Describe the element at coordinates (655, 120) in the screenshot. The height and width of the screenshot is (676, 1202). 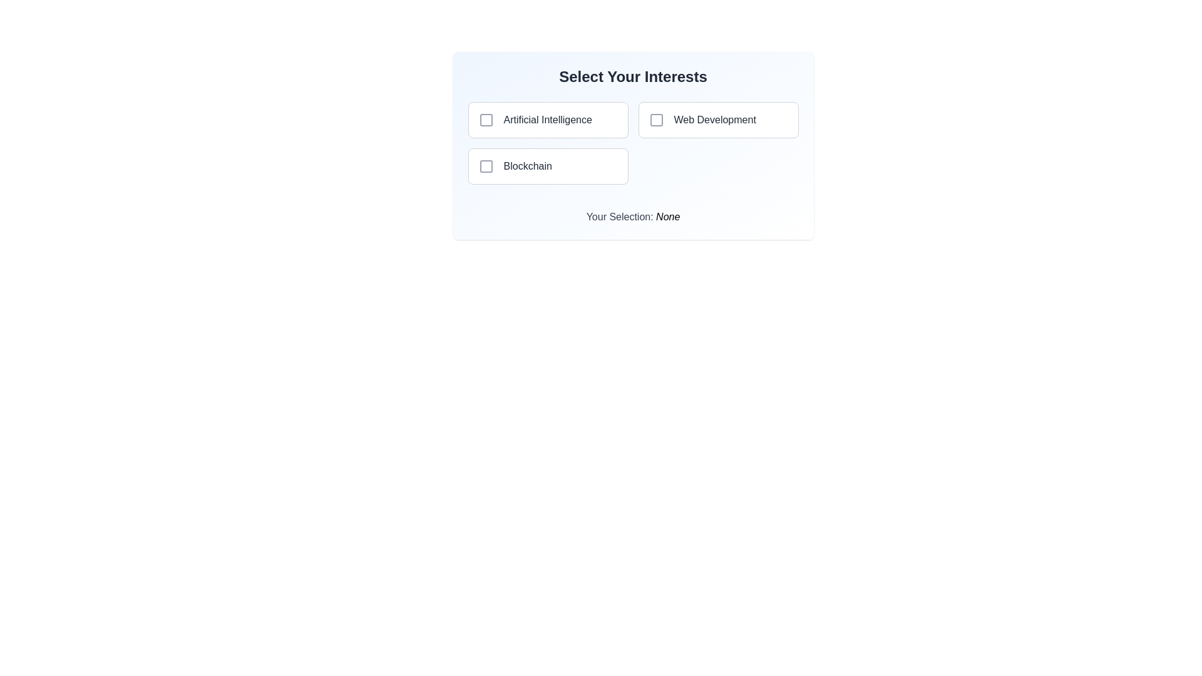
I see `the checkbox located in the 'Select Your Interests' section` at that location.